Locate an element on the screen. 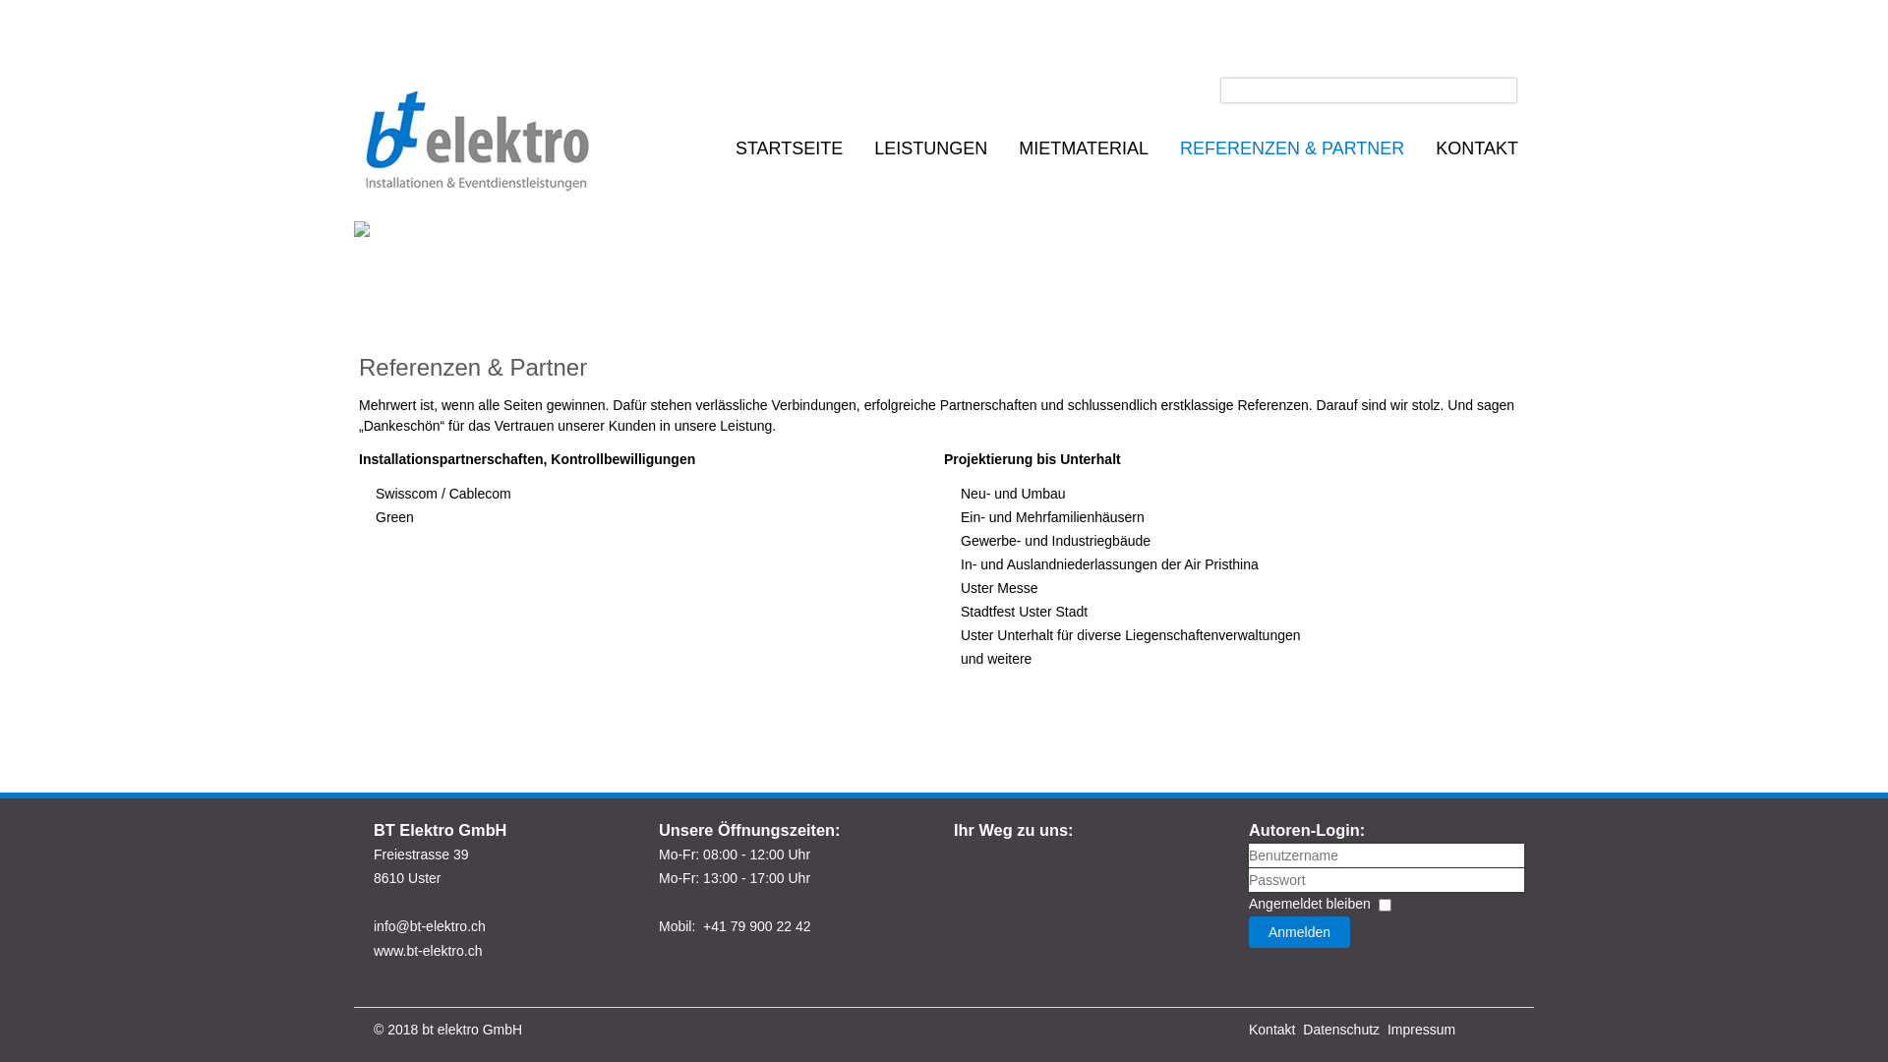  'MIETMATERIAL' is located at coordinates (1083, 147).